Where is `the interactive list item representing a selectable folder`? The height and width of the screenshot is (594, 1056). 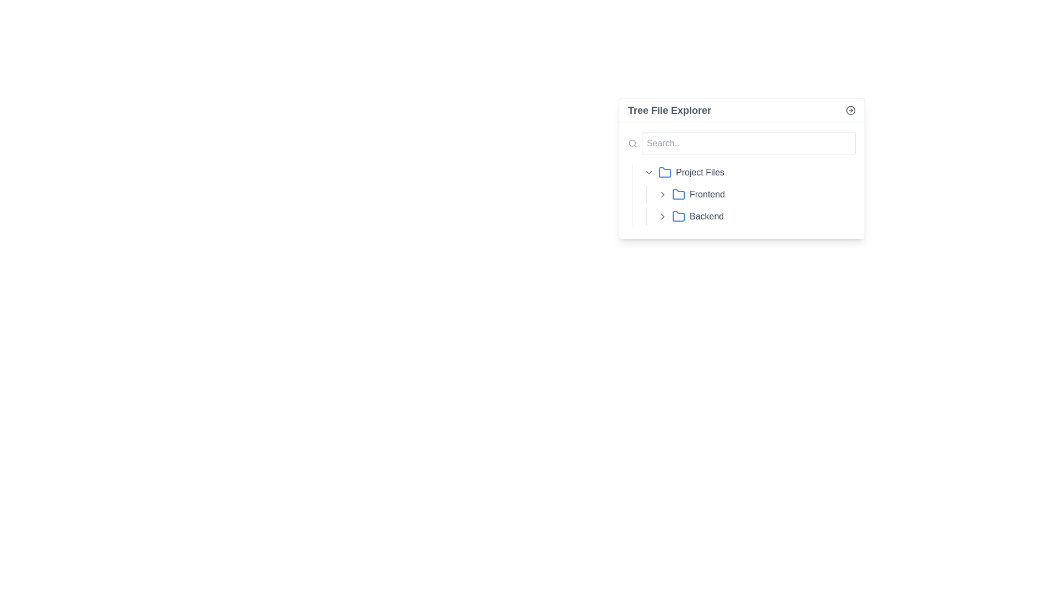
the interactive list item representing a selectable folder is located at coordinates (771, 194).